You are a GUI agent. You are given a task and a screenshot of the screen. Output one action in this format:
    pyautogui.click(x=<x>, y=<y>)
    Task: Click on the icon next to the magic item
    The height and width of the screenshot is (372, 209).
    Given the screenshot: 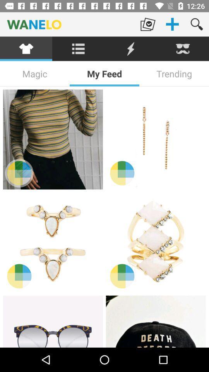 What is the action you would take?
    pyautogui.click(x=104, y=74)
    